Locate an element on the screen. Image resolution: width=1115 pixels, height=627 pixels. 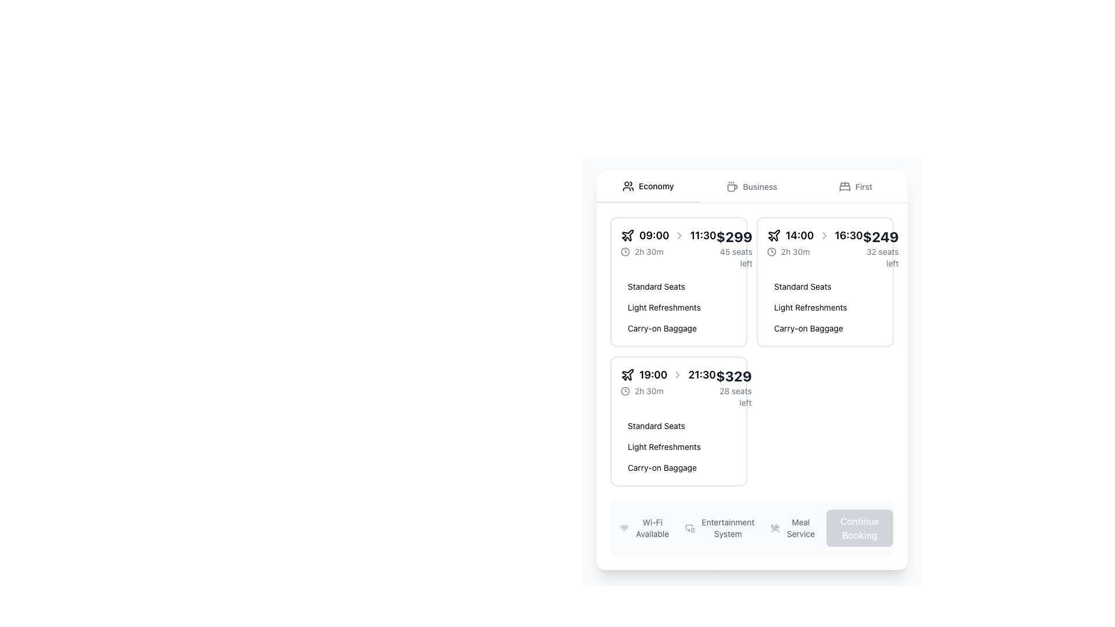
crossed utensils icon styled with a grayish tone, located next to the label 'Meal Service' at the bottom of the interface is located at coordinates (775, 528).